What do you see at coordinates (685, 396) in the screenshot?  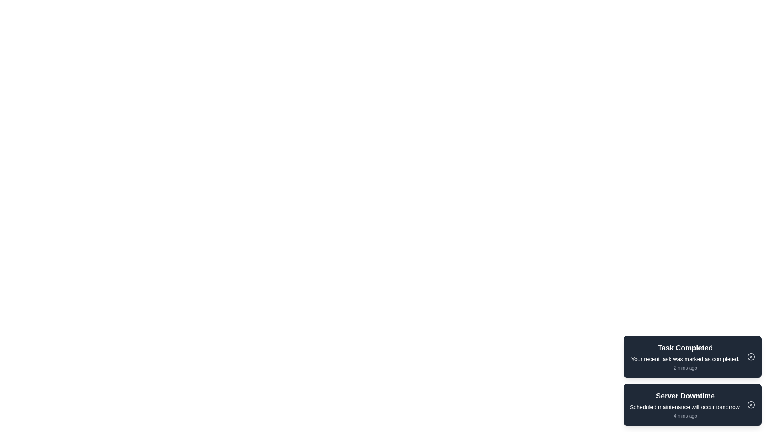 I see `the notification title to read: Server Downtime` at bounding box center [685, 396].